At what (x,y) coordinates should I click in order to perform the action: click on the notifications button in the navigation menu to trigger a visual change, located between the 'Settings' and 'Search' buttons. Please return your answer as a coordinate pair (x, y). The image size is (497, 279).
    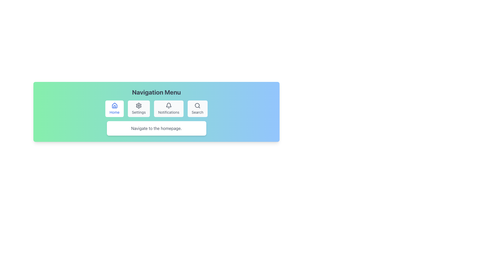
    Looking at the image, I should click on (169, 108).